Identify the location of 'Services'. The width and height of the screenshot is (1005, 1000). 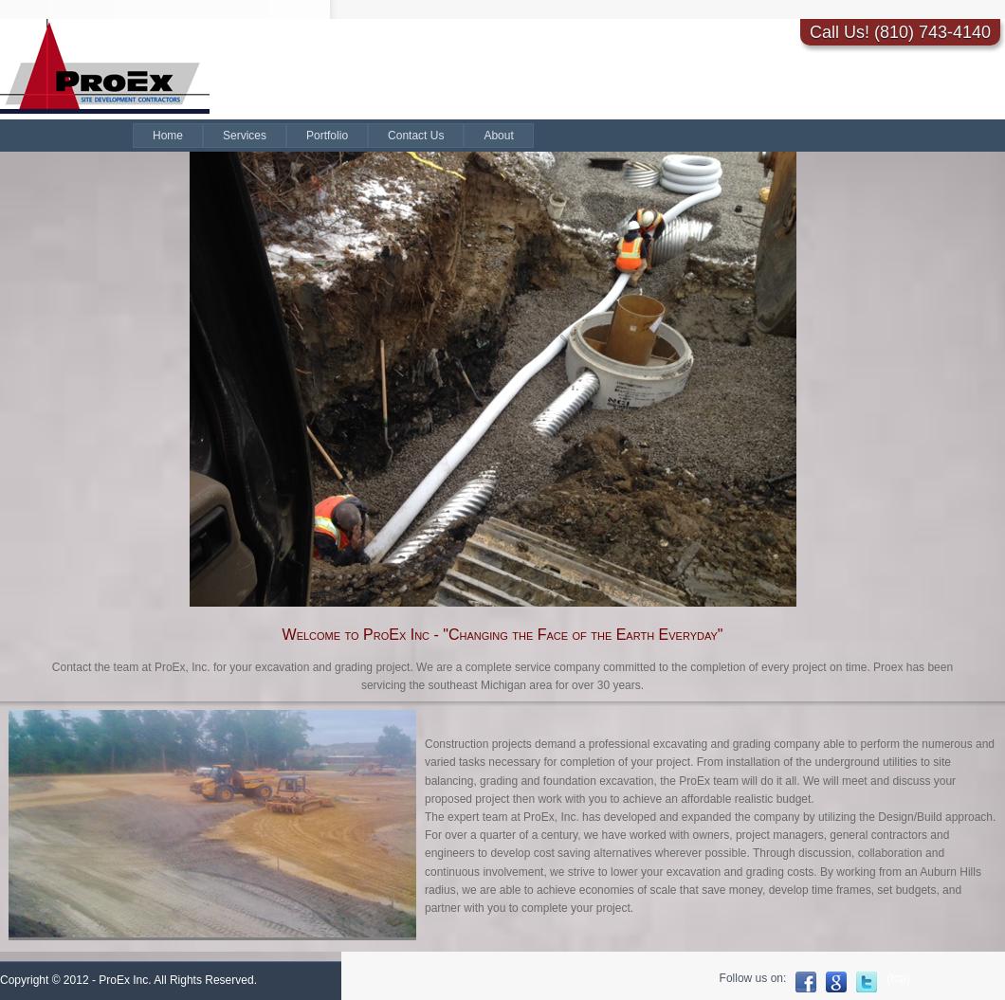
(244, 135).